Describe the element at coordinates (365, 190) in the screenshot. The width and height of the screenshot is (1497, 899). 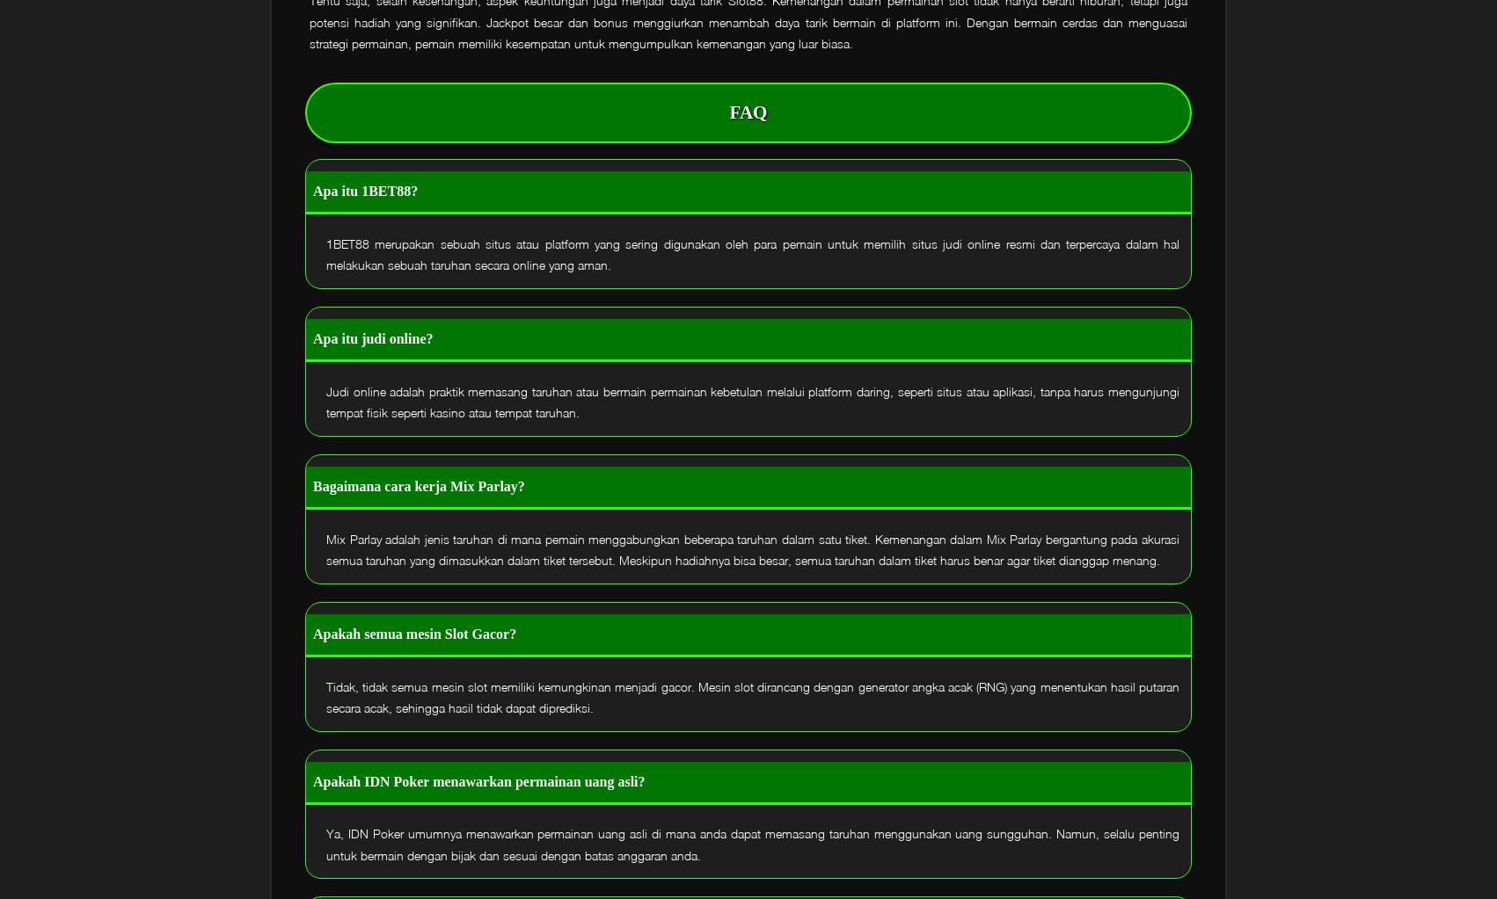
I see `'Apa itu 1BET88?'` at that location.